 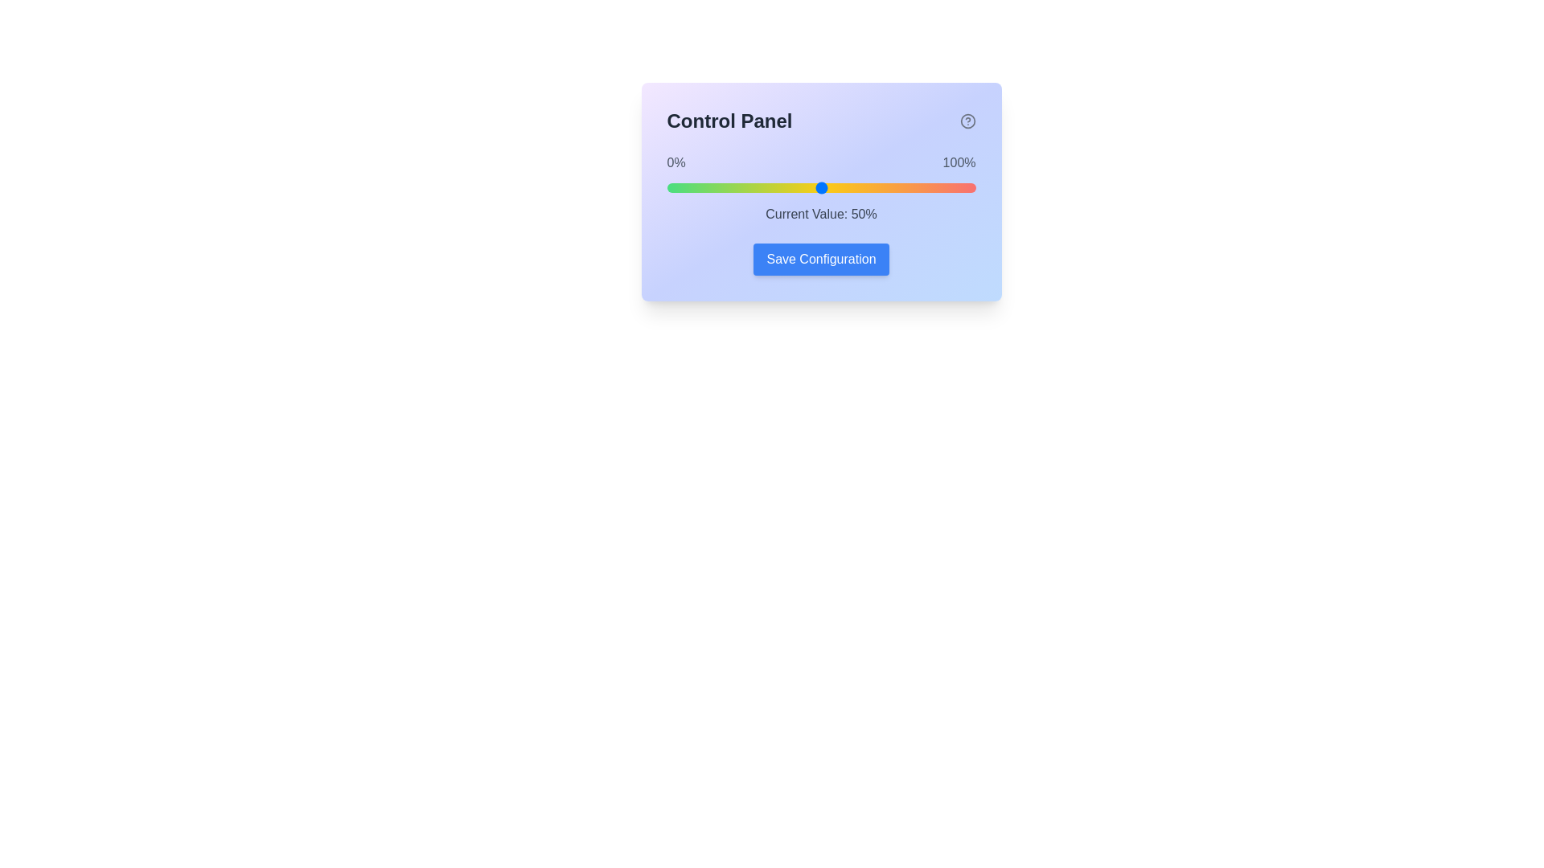 What do you see at coordinates (967, 120) in the screenshot?
I see `the help icon to display additional information` at bounding box center [967, 120].